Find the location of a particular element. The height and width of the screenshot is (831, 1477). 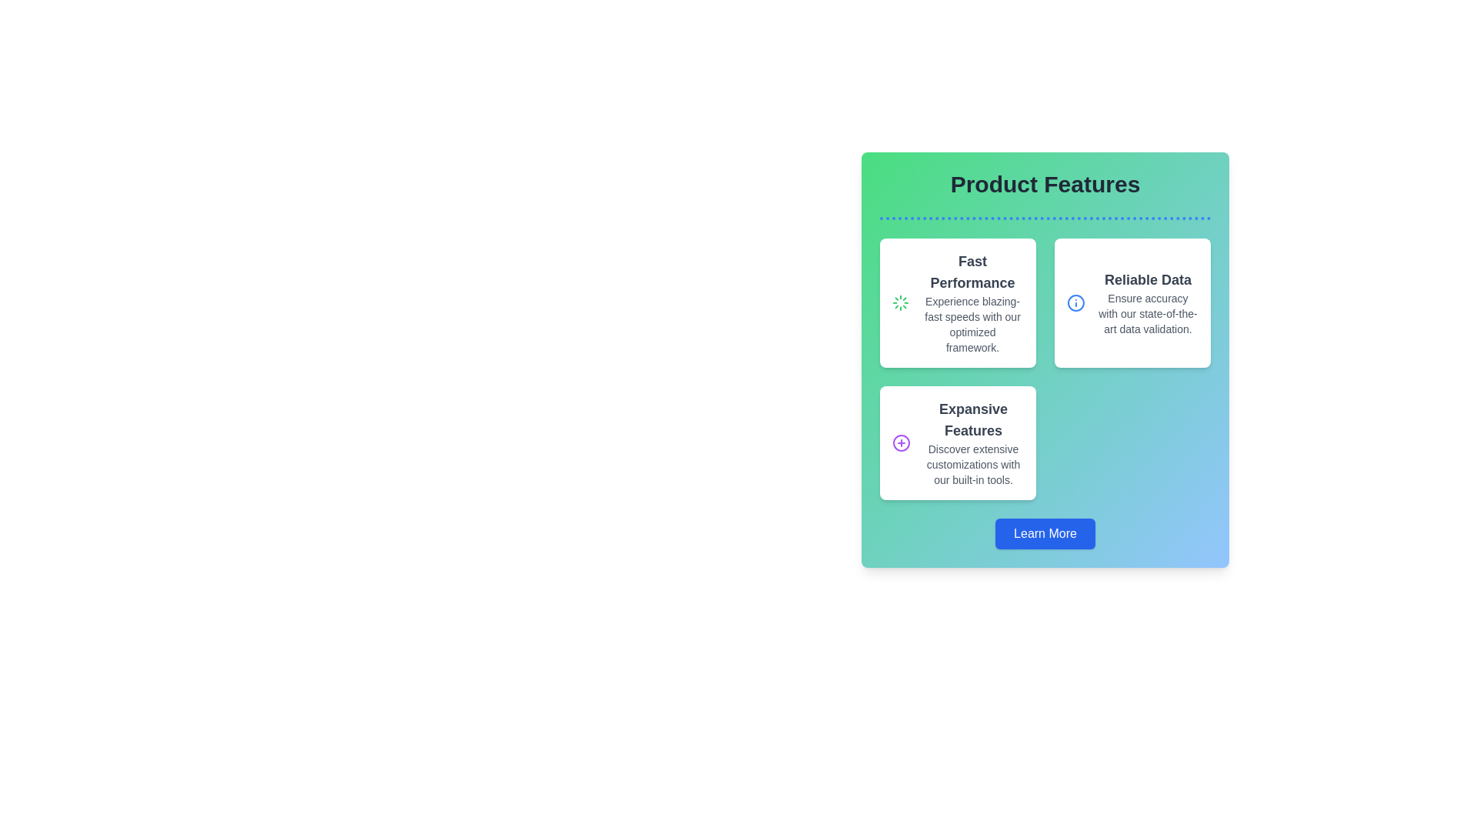

the outermost circular outline of the SVG icon, which is styled with a stroke color and no fill is located at coordinates (901, 442).